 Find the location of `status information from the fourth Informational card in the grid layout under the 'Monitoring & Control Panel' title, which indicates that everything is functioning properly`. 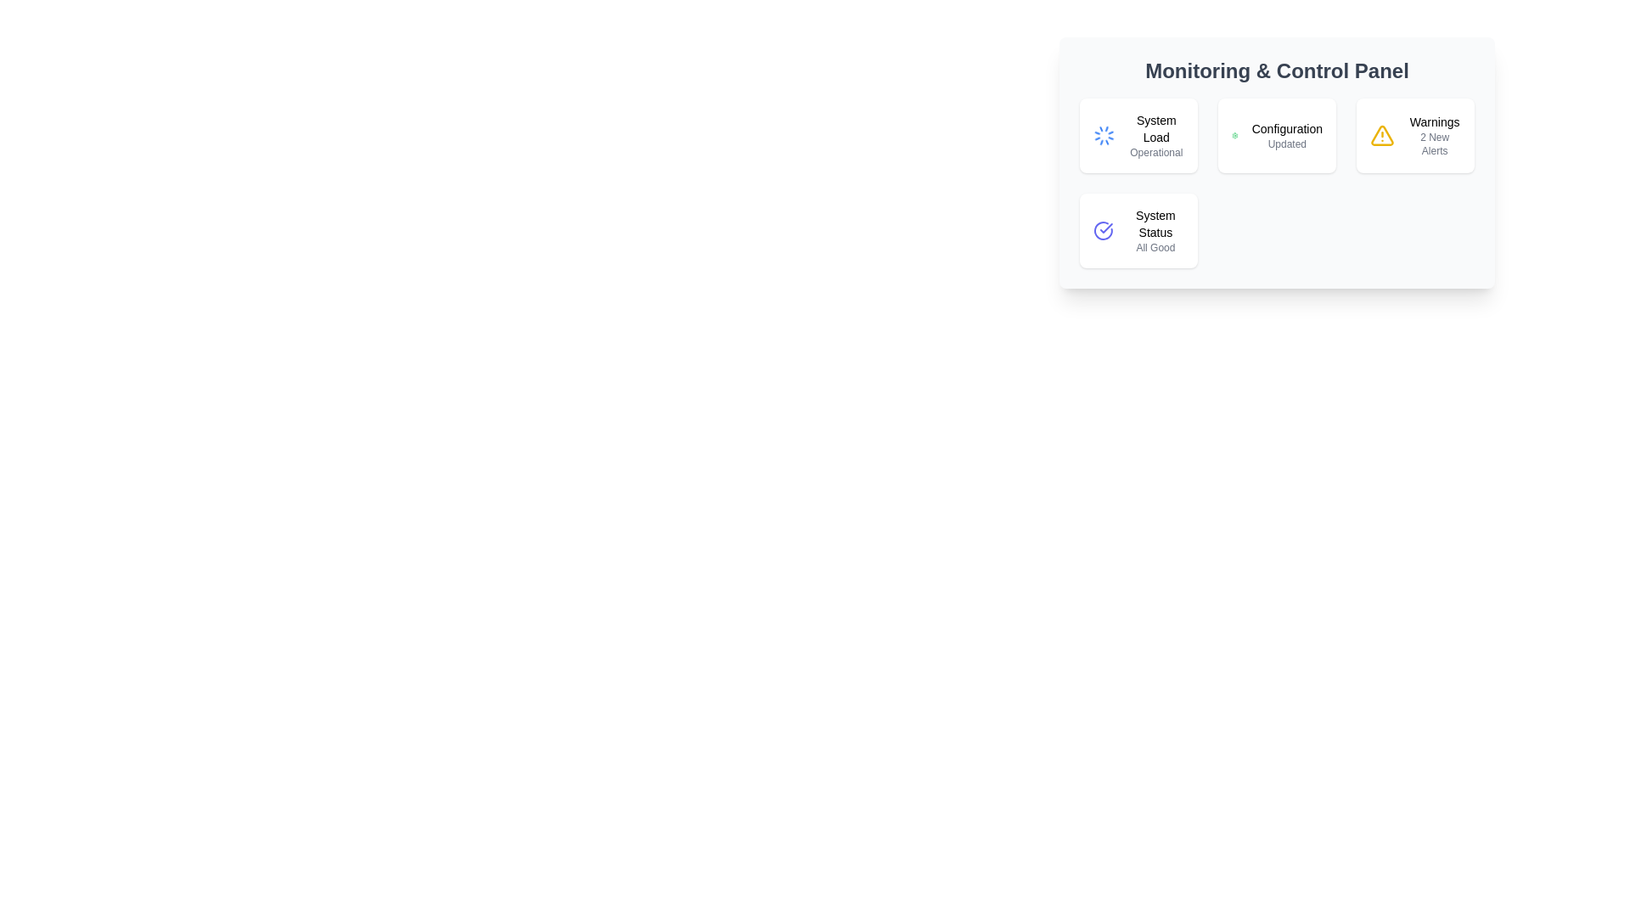

status information from the fourth Informational card in the grid layout under the 'Monitoring & Control Panel' title, which indicates that everything is functioning properly is located at coordinates (1138, 231).